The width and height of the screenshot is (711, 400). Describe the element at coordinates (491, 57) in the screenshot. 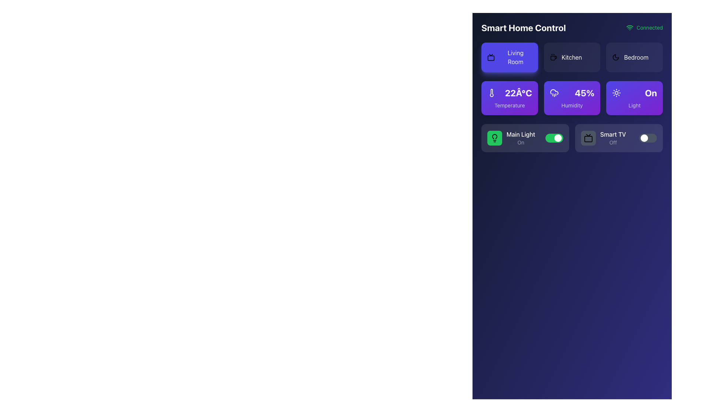

I see `the television icon located within the 'Living Room' button, positioned towards the left of the button's text` at that location.